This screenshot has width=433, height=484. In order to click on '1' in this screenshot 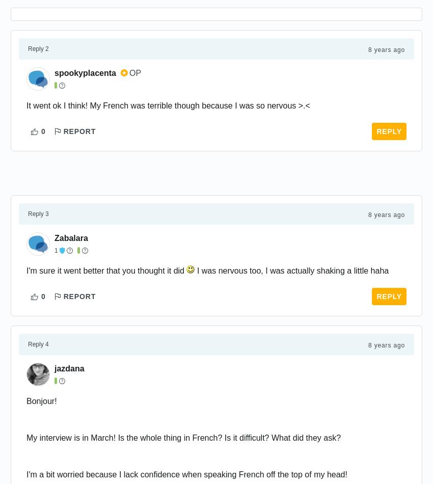, I will do `click(55, 251)`.